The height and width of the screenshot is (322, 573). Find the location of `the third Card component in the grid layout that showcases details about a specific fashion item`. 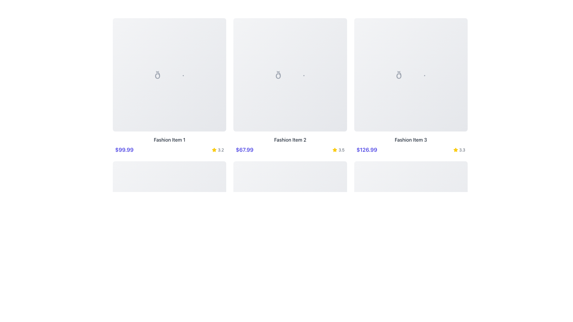

the third Card component in the grid layout that showcases details about a specific fashion item is located at coordinates (410, 86).